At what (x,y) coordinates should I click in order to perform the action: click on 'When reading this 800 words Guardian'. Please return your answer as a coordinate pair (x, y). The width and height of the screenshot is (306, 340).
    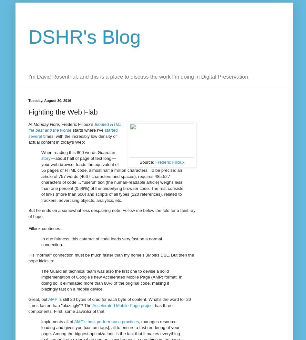
    Looking at the image, I should click on (78, 152).